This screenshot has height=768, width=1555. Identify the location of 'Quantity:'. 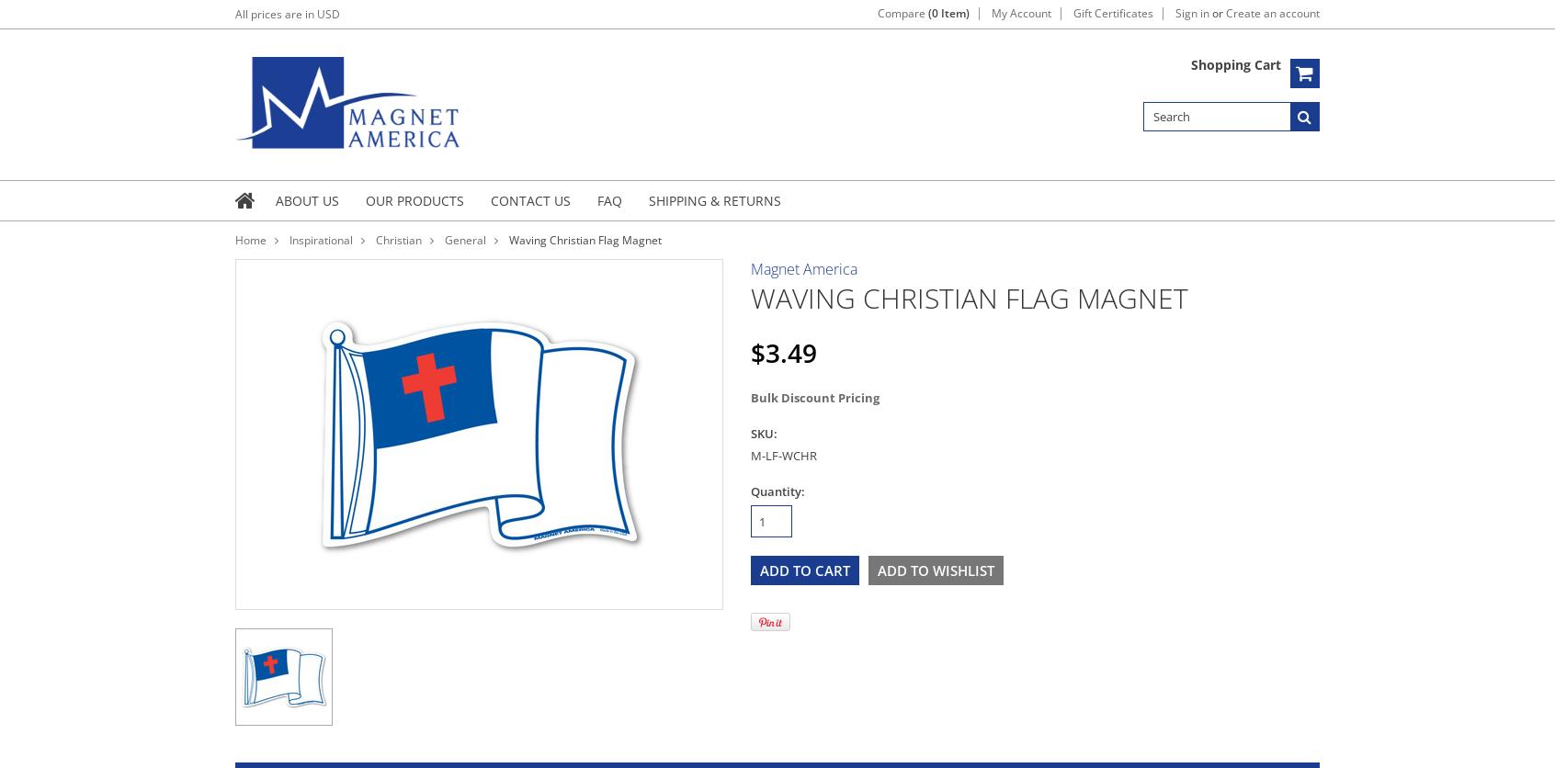
(777, 491).